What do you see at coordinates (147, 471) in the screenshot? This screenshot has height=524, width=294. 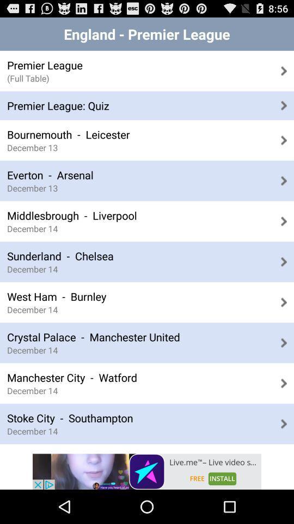 I see `install` at bounding box center [147, 471].